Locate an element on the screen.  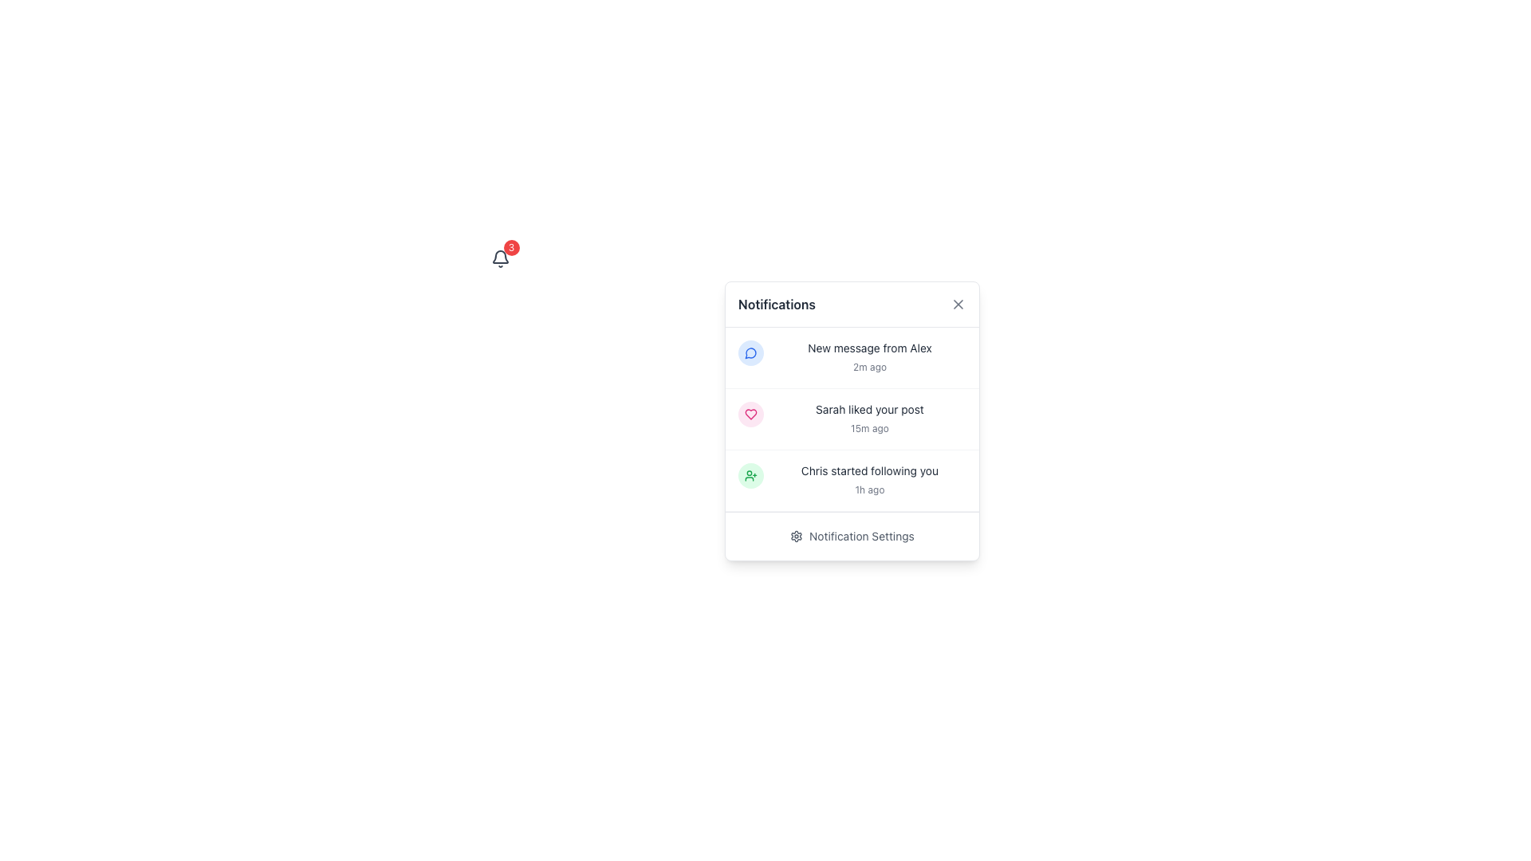
the notification card that indicates 'Sarah liked your post' within the dropdown panel is located at coordinates (852, 420).